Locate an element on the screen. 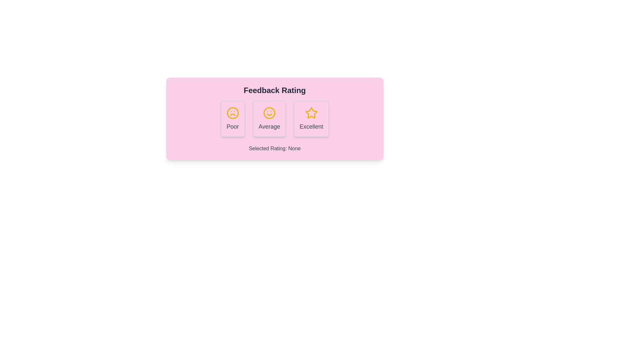  the 'Average' rating button, which is the second option in the horizontally-aligned group titled 'Feedback Rating', featuring a yellow smiling face icon and medium gray text is located at coordinates (269, 119).